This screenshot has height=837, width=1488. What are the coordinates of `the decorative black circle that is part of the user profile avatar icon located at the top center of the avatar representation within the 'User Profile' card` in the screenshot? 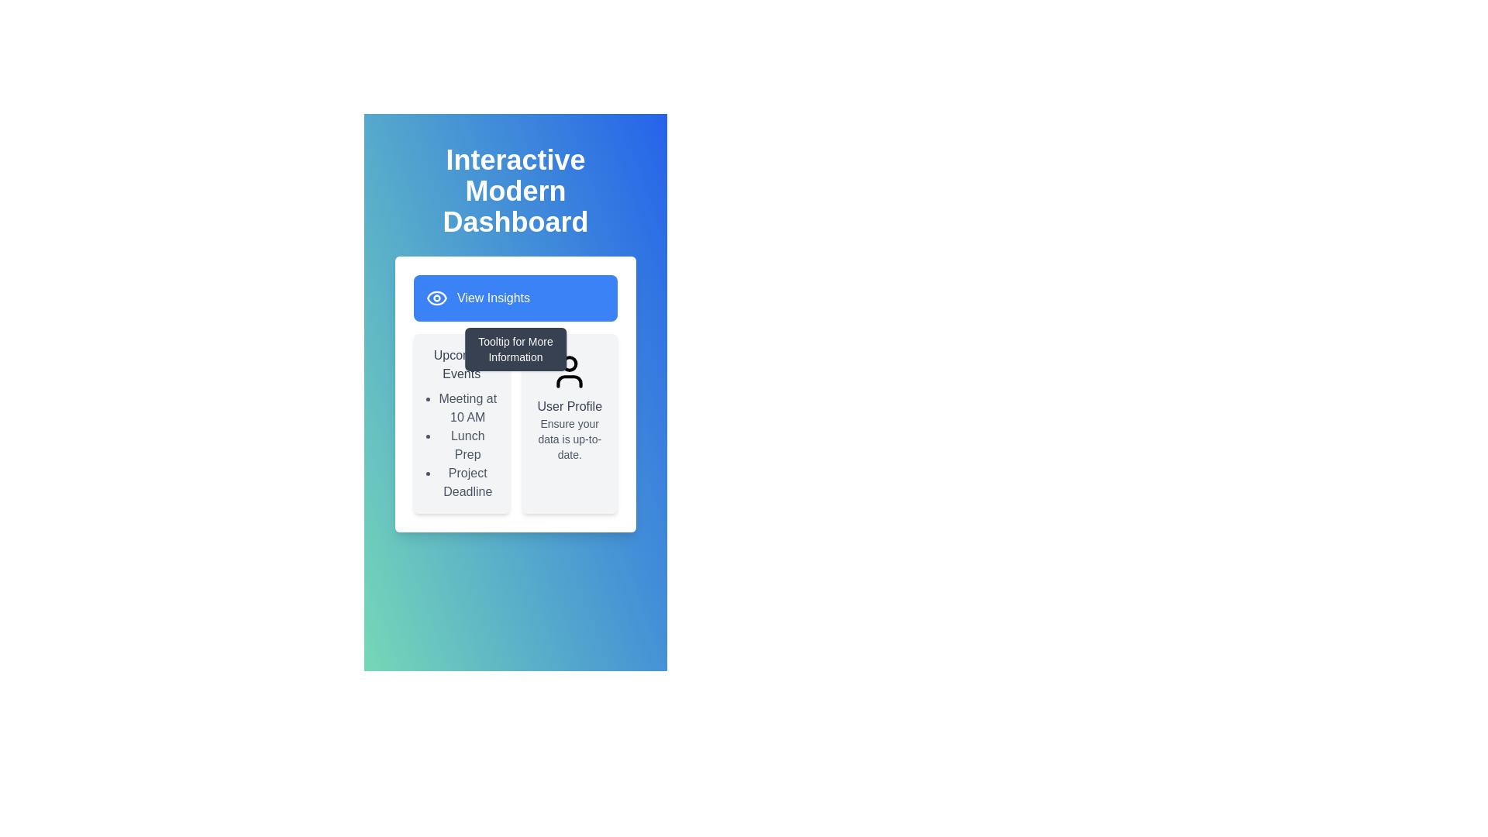 It's located at (569, 363).